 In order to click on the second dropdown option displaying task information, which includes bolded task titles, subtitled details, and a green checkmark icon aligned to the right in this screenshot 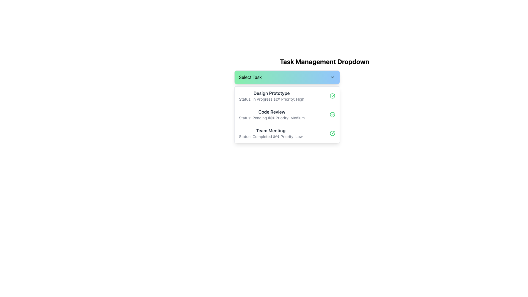, I will do `click(287, 114)`.